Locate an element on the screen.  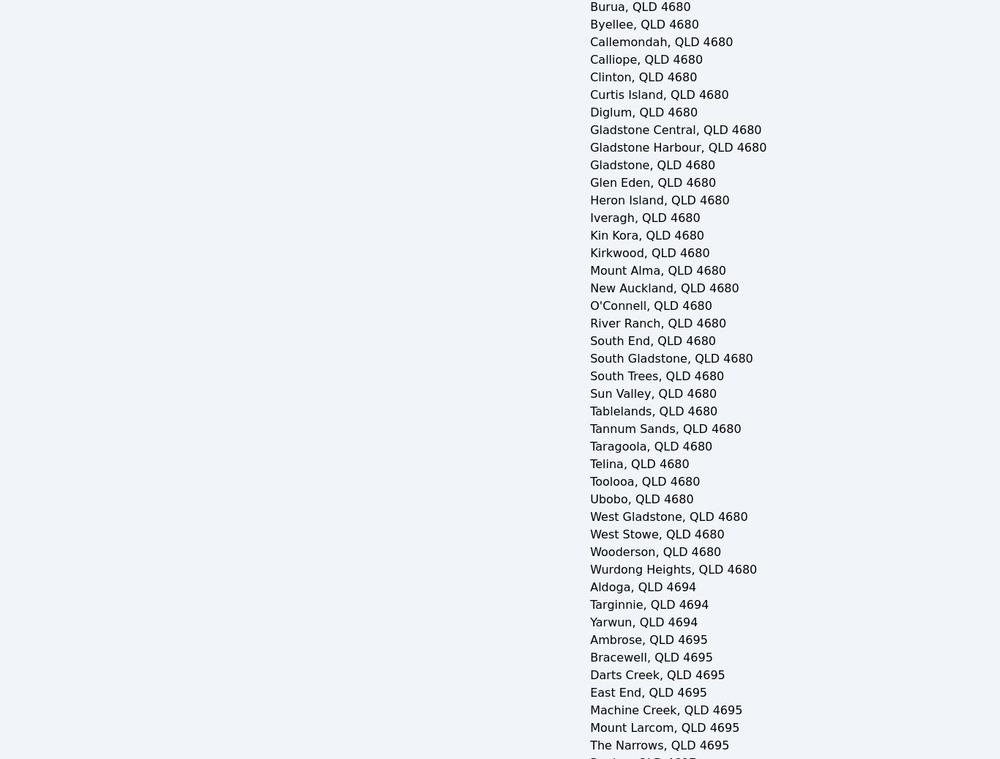
'Heron Island, QLD 4680' is located at coordinates (589, 200).